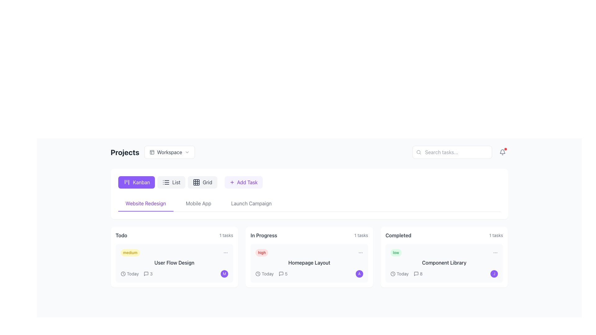 This screenshot has width=596, height=335. What do you see at coordinates (251, 203) in the screenshot?
I see `the 'Launch Campaign' button, which is the third tab in a row of three tabs below the 'Projects' heading, to change its appearance` at bounding box center [251, 203].